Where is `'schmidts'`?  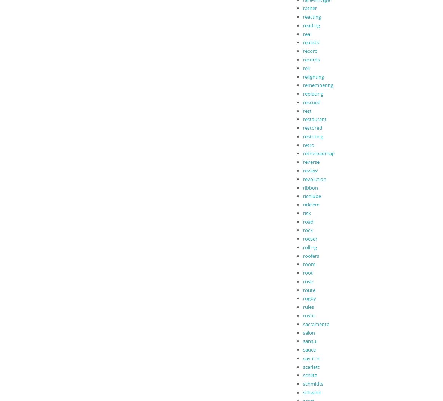 'schmidts' is located at coordinates (313, 383).